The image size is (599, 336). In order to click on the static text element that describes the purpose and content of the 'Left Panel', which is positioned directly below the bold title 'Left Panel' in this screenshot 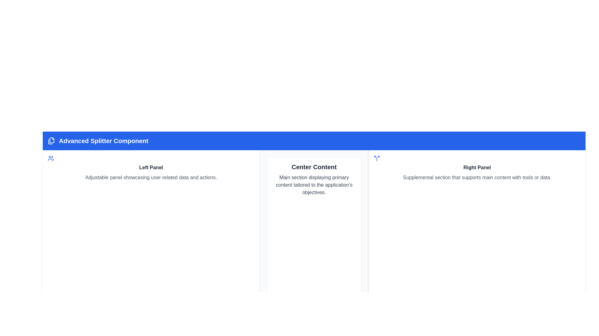, I will do `click(151, 177)`.